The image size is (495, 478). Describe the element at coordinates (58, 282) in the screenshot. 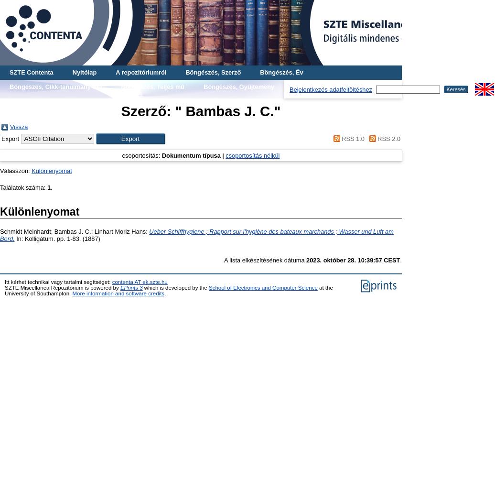

I see `'Itt kérhet technikai vagy tartalmi segítséget:'` at that location.